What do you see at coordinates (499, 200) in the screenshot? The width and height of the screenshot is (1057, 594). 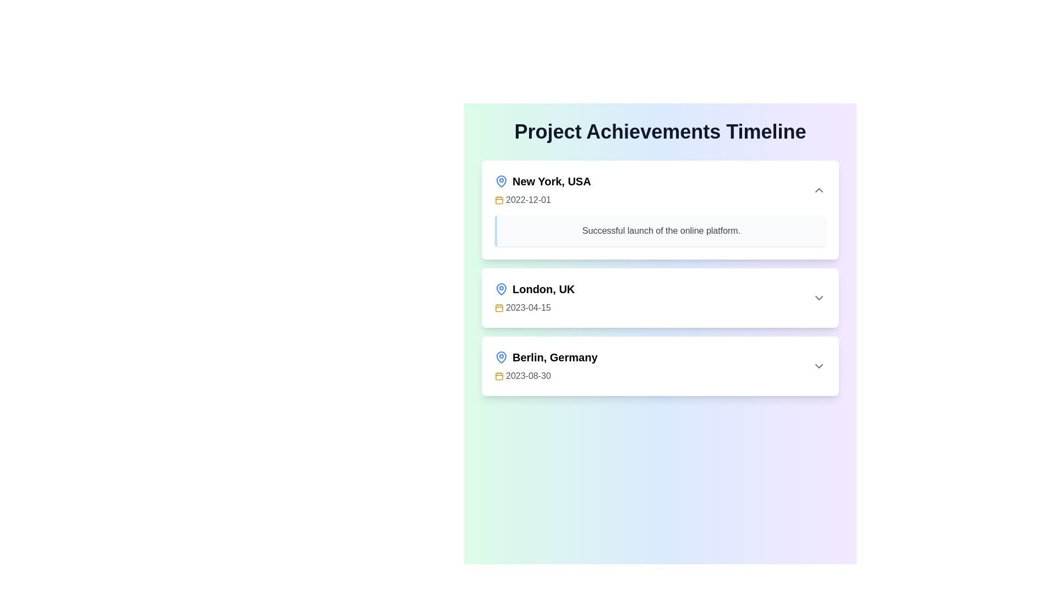 I see `the calendar icon representing the date '2022-12-01' associated with 'New York, USA' in the Project Achievements Timeline` at bounding box center [499, 200].